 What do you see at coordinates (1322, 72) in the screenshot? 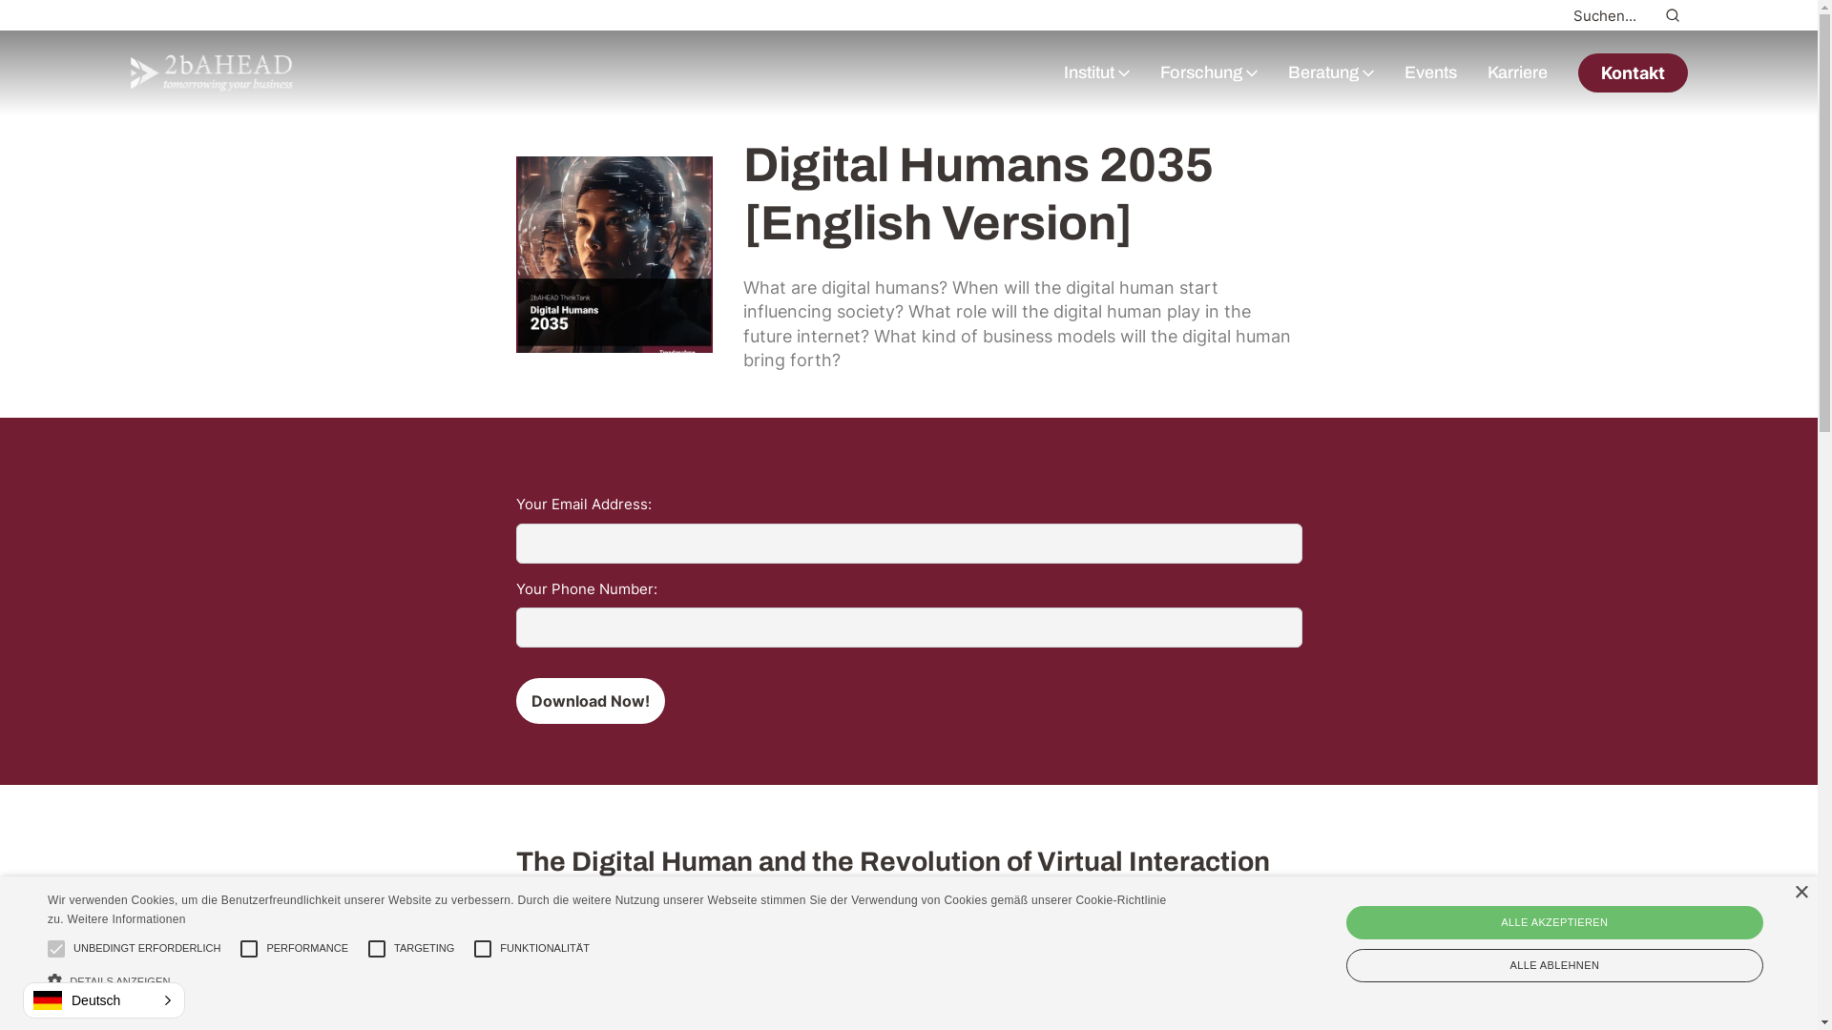
I see `'Beratung'` at bounding box center [1322, 72].